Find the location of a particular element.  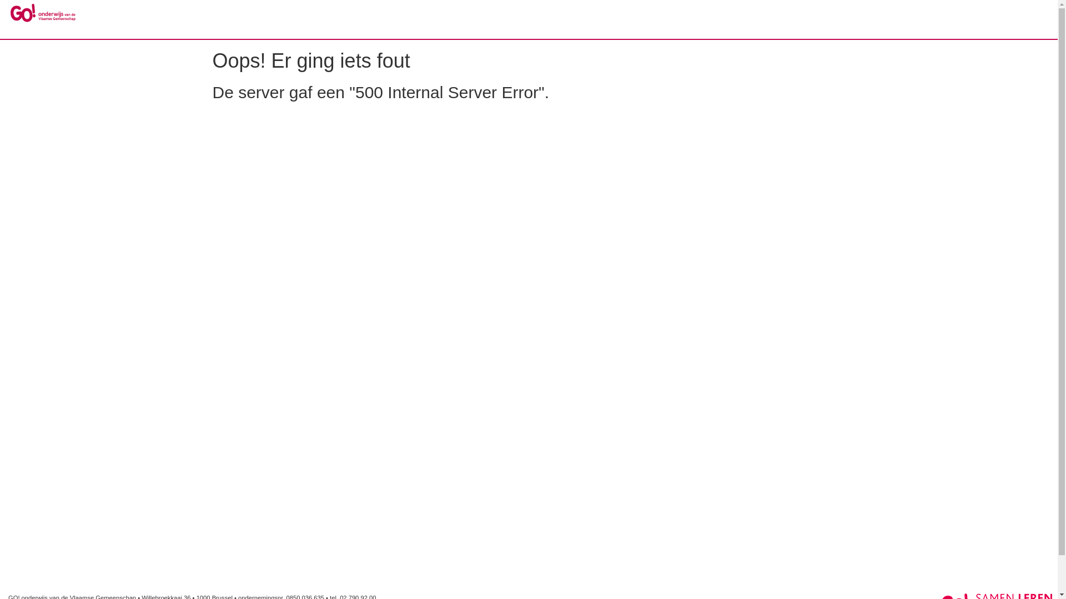

'GO! Reglement' is located at coordinates (8, 12).